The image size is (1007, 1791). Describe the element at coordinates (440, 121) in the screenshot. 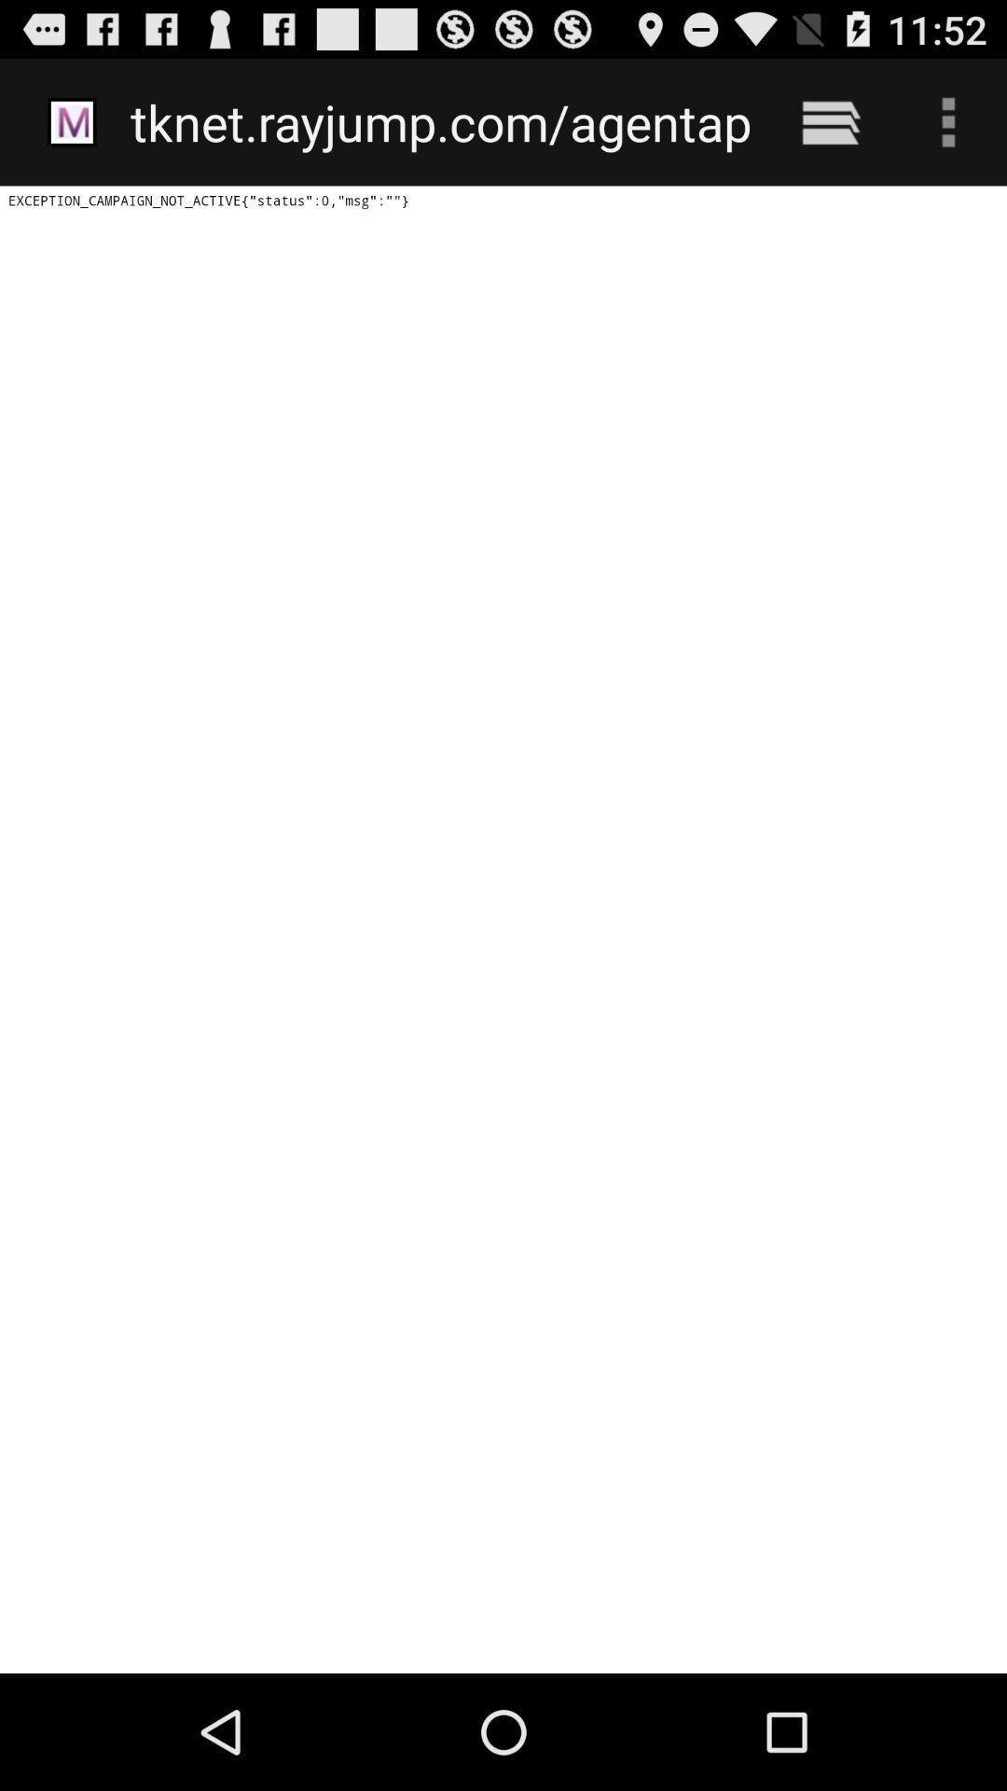

I see `the tknet rayjump com item` at that location.